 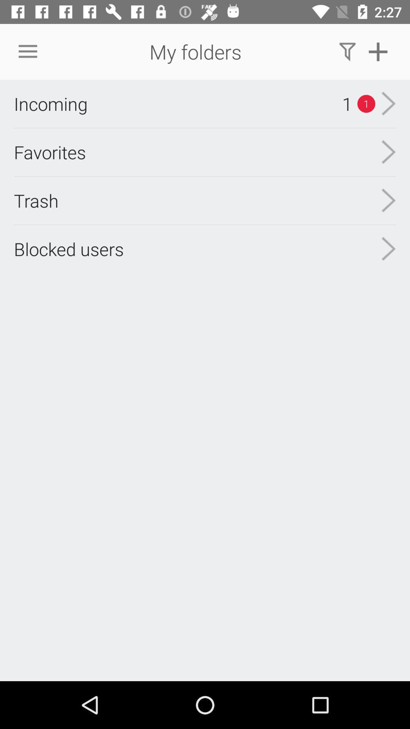 I want to click on the item next to blocked users, so click(x=388, y=200).